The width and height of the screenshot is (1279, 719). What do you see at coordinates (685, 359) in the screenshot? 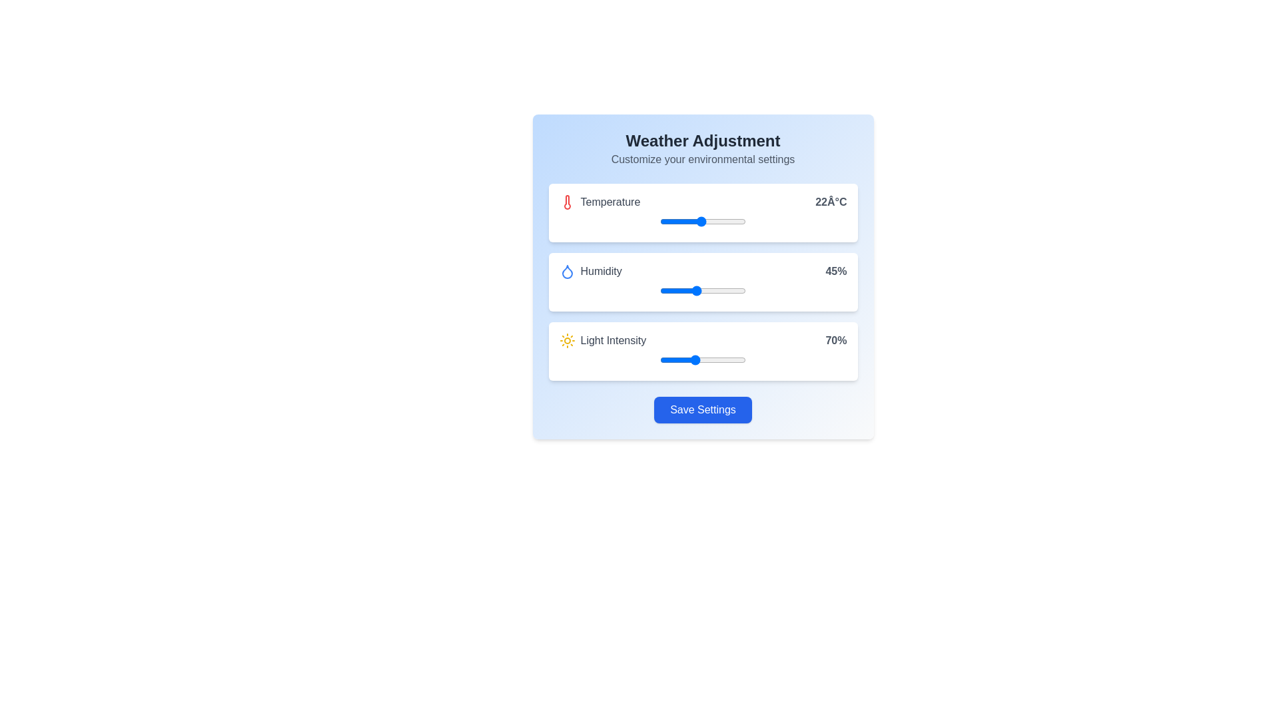
I see `the light intensity` at bounding box center [685, 359].